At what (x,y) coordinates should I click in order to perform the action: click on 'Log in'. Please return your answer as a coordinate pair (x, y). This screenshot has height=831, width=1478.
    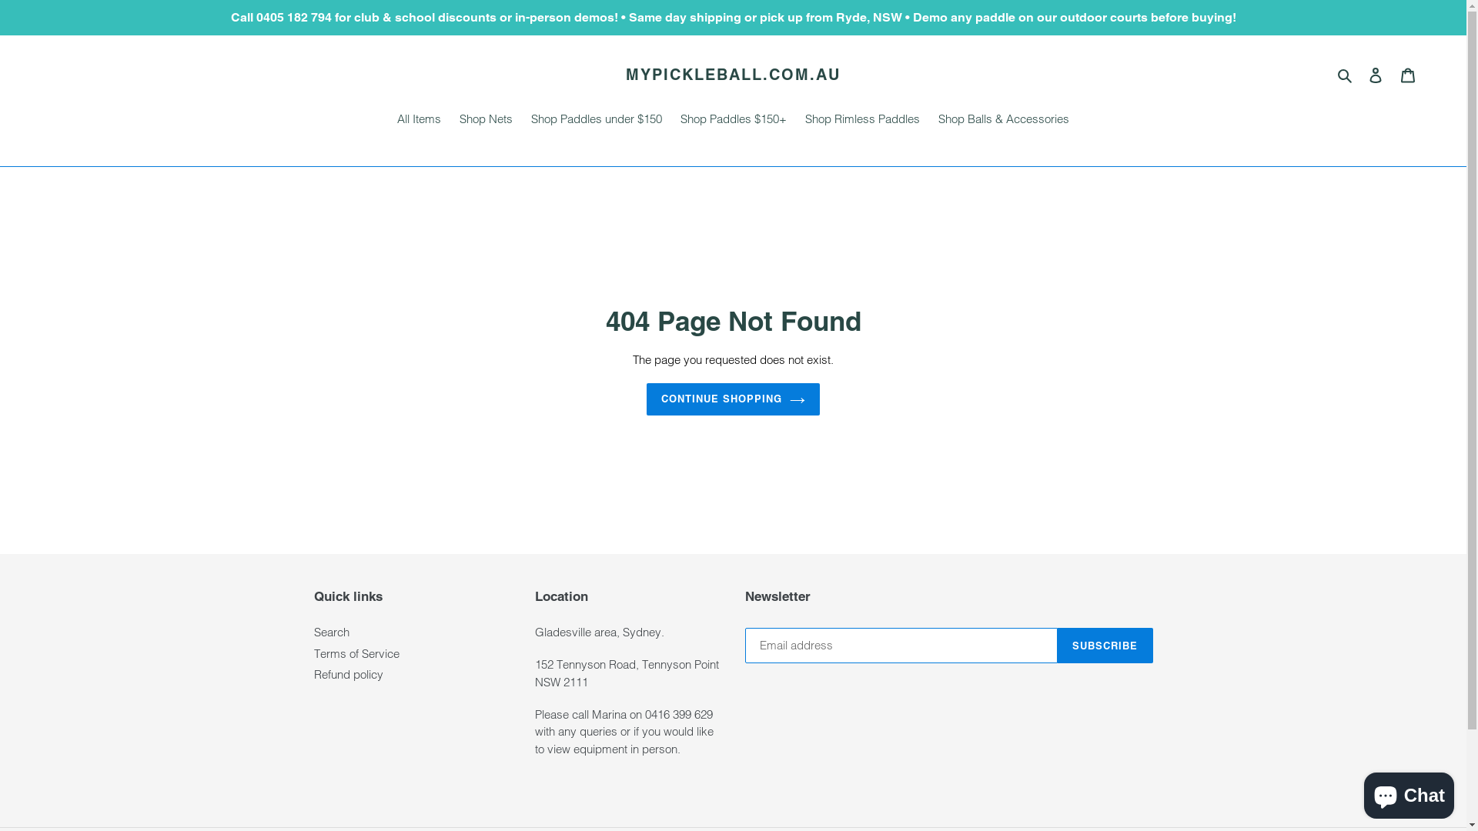
    Looking at the image, I should click on (1375, 75).